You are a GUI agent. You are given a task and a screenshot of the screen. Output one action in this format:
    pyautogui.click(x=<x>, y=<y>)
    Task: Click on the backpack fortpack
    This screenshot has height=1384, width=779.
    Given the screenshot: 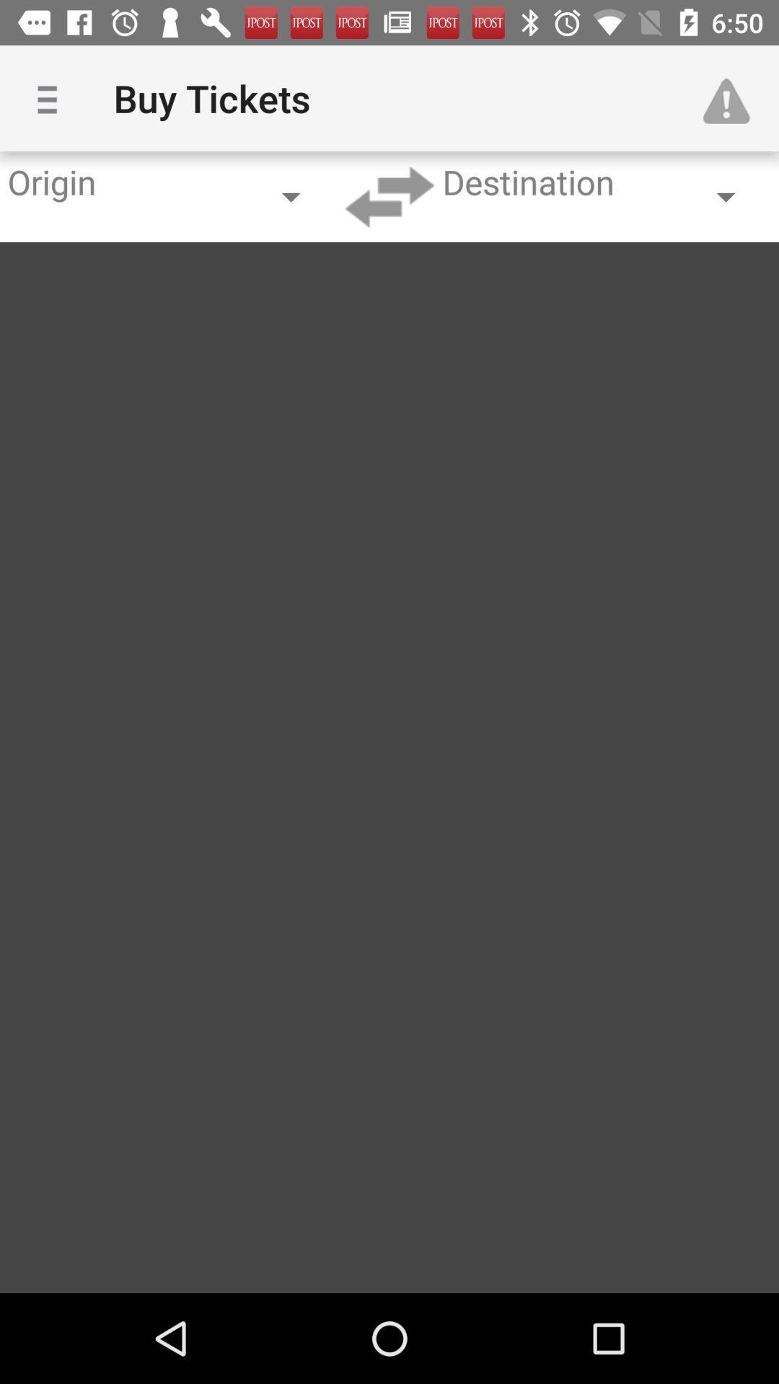 What is the action you would take?
    pyautogui.click(x=389, y=196)
    